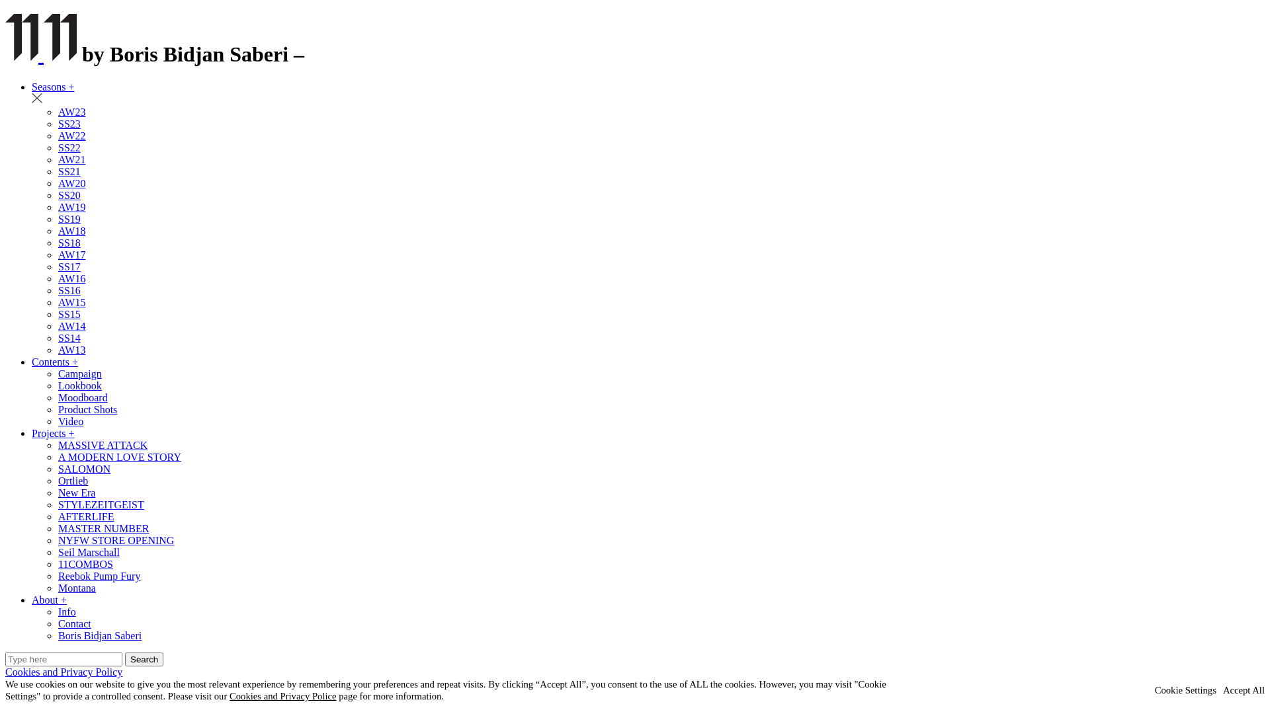 The height and width of the screenshot is (714, 1270). I want to click on 'Moodboard', so click(82, 397).